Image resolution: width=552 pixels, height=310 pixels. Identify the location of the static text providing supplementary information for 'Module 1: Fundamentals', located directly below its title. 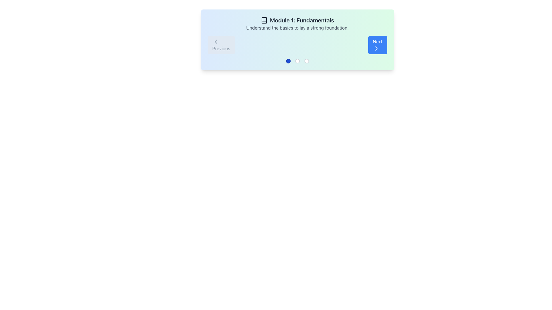
(297, 28).